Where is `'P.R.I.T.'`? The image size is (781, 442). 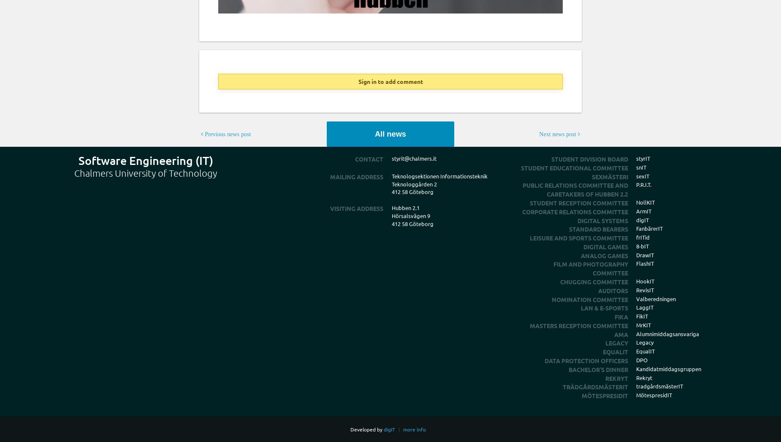
'P.R.I.T.' is located at coordinates (643, 184).